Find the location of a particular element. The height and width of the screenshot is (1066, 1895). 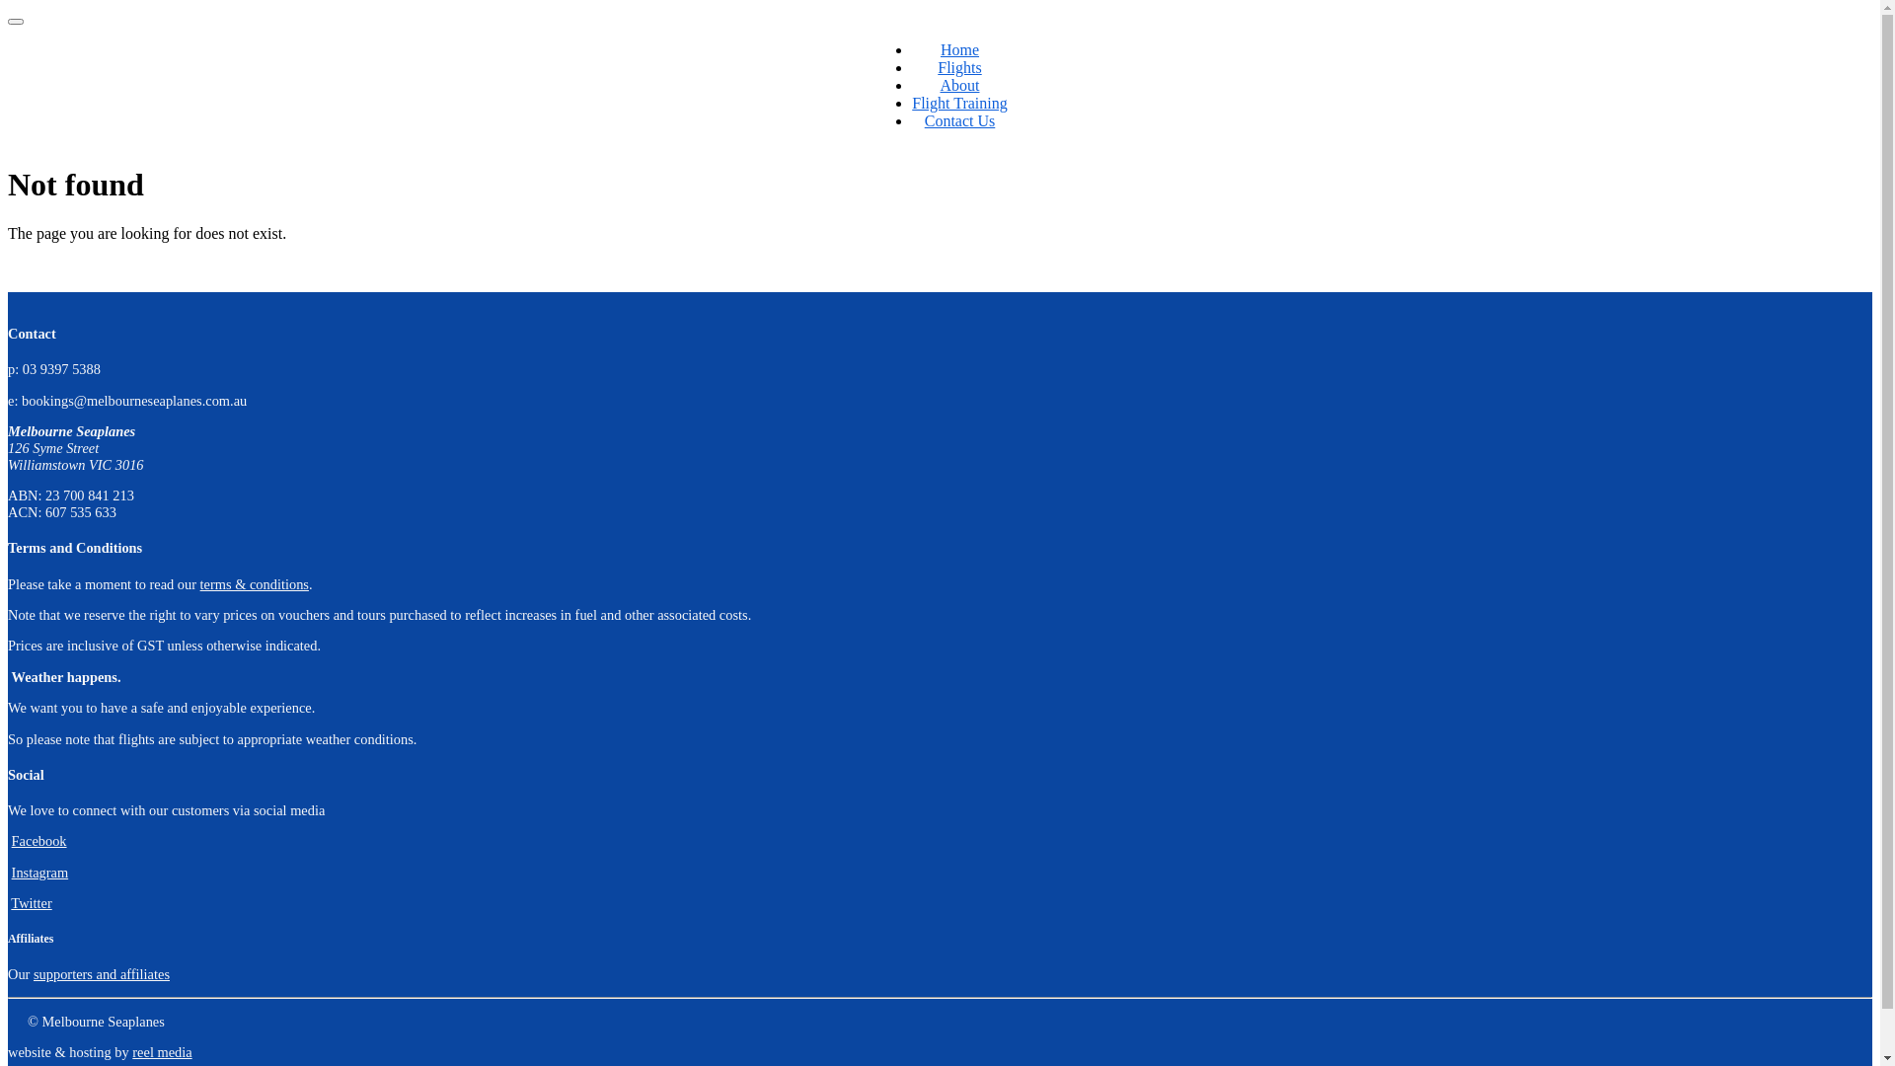

'Flights' is located at coordinates (958, 66).